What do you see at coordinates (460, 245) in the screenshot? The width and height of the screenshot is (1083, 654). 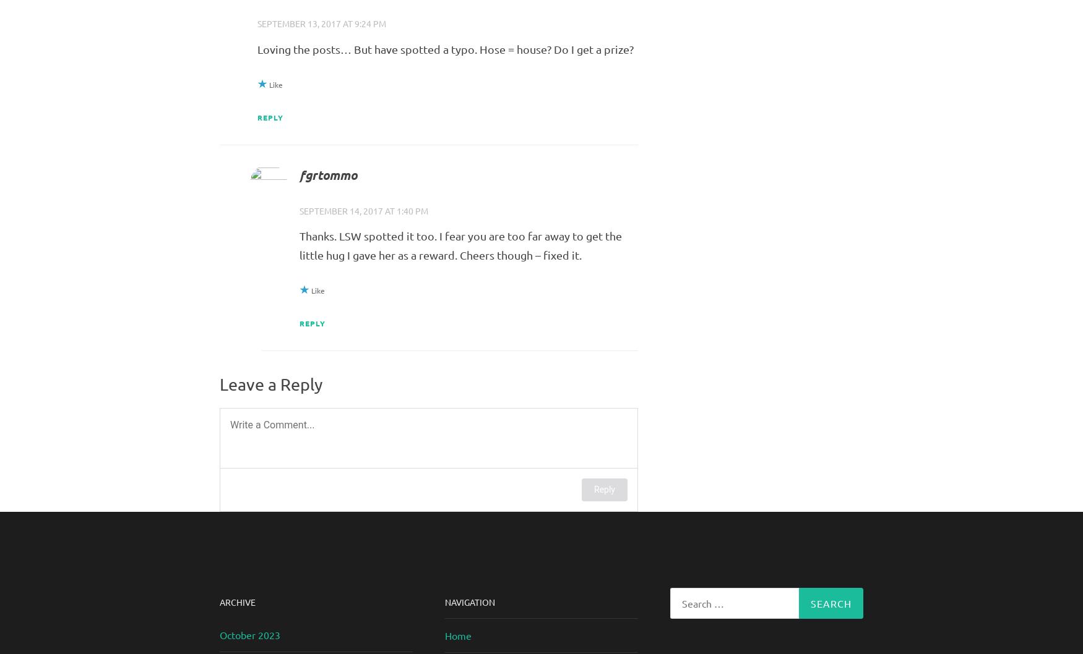 I see `'Thanks.  LSW spotted it too.  I fear you are too far away to get the little hug I gave her as a reward.  Cheers though – fixed it.'` at bounding box center [460, 245].